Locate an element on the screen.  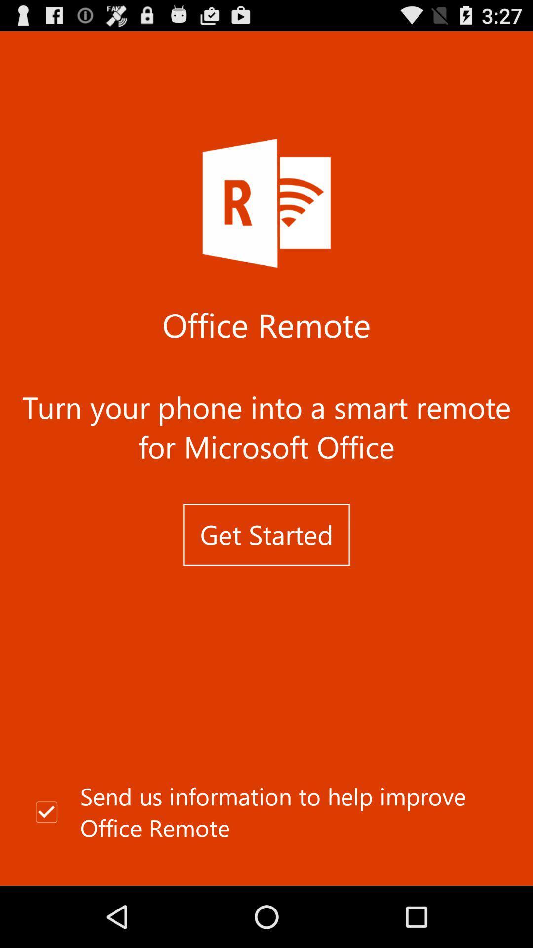
the send us information at the bottom is located at coordinates (266, 812).